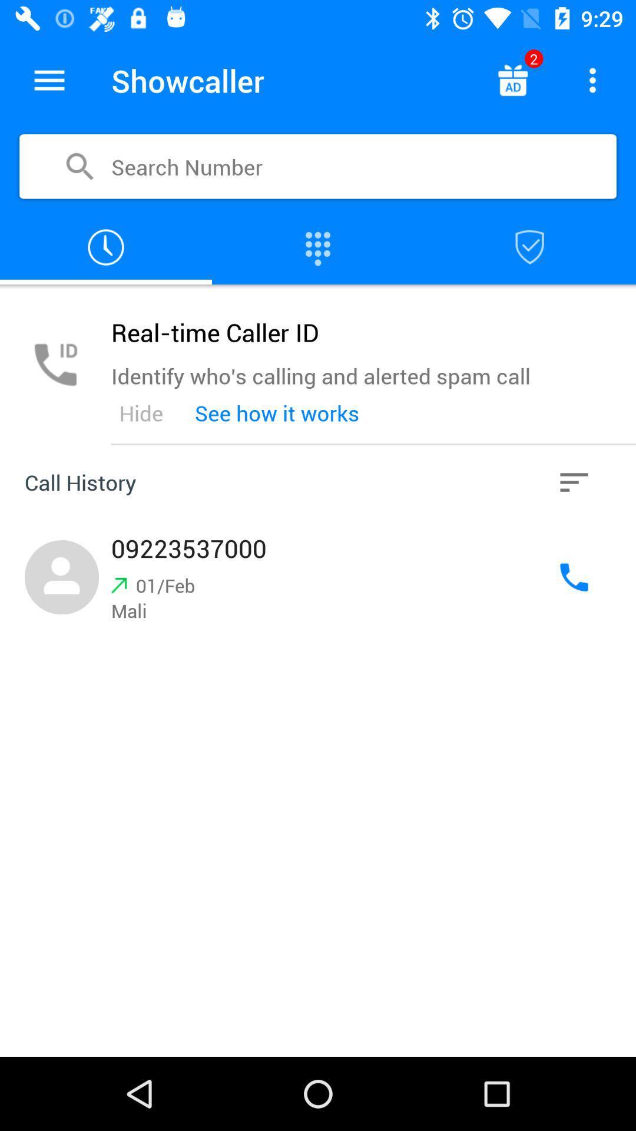 This screenshot has width=636, height=1131. Describe the element at coordinates (512, 80) in the screenshot. I see `item to the right of showcaller` at that location.